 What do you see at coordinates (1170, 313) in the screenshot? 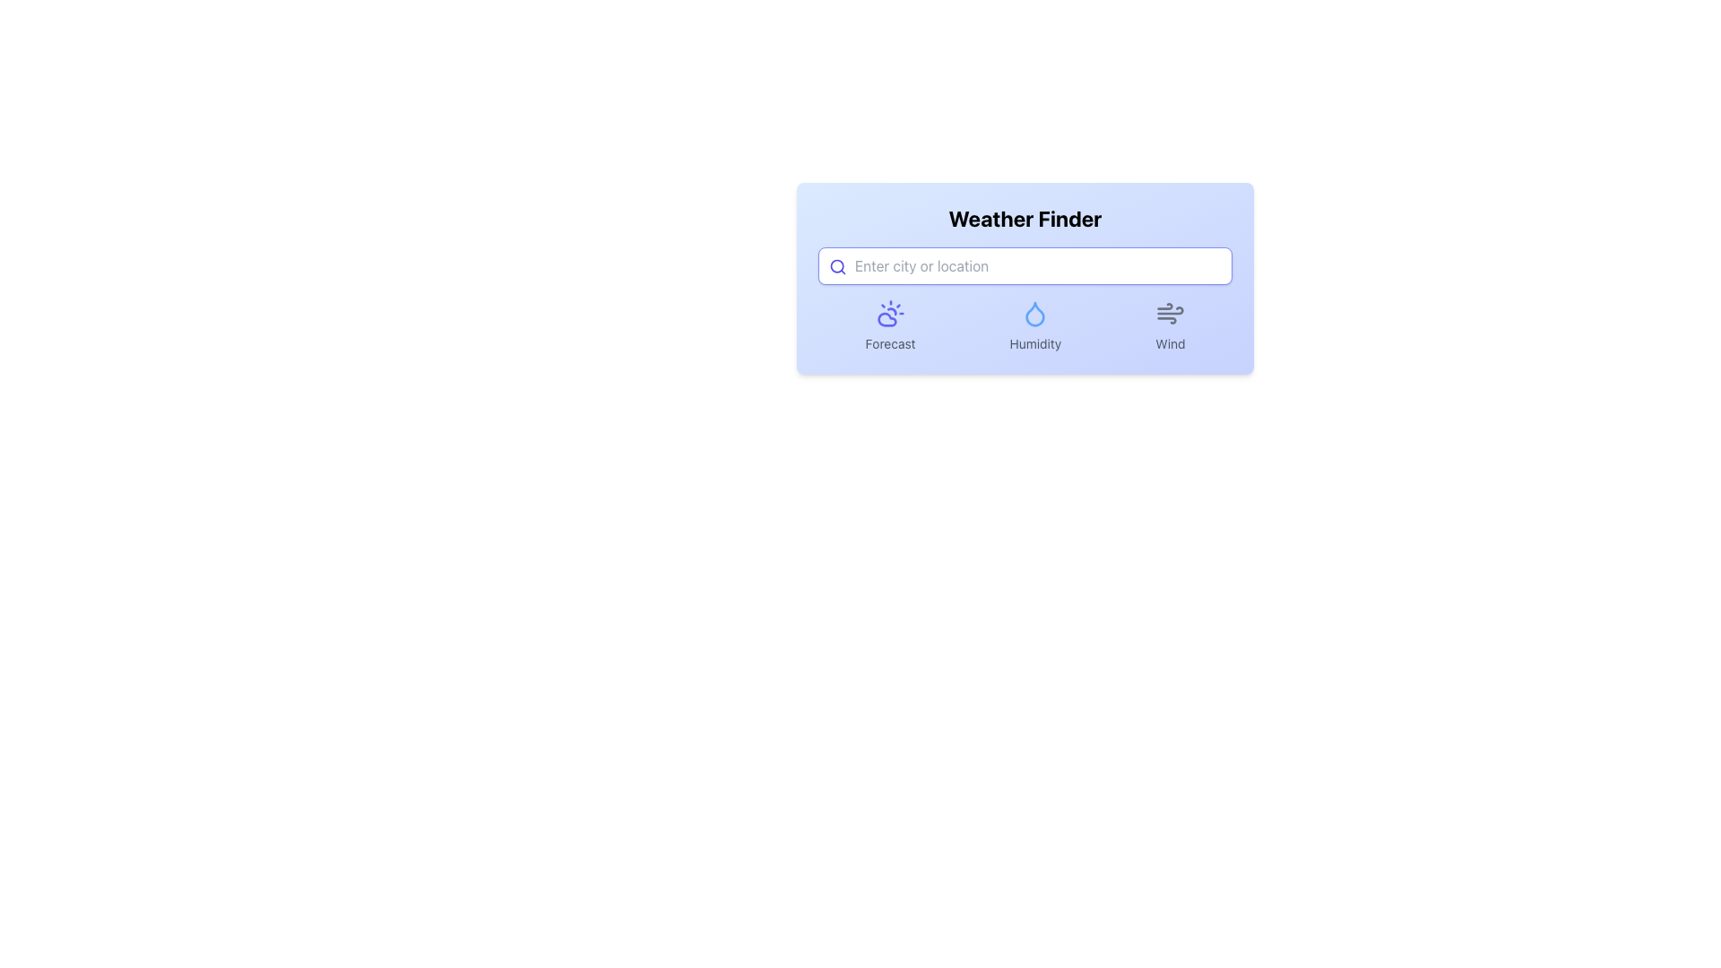
I see `the wind motion icon, which consists of three curved gray lines and is located above the text label 'Wind'` at bounding box center [1170, 313].